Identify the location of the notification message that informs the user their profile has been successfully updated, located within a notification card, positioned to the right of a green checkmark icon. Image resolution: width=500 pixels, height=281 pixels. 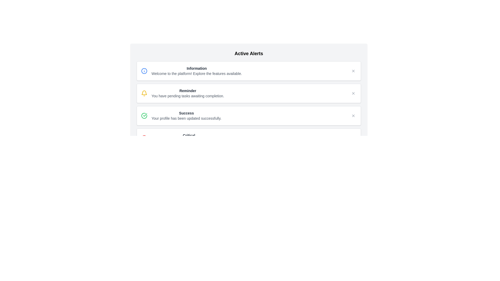
(186, 115).